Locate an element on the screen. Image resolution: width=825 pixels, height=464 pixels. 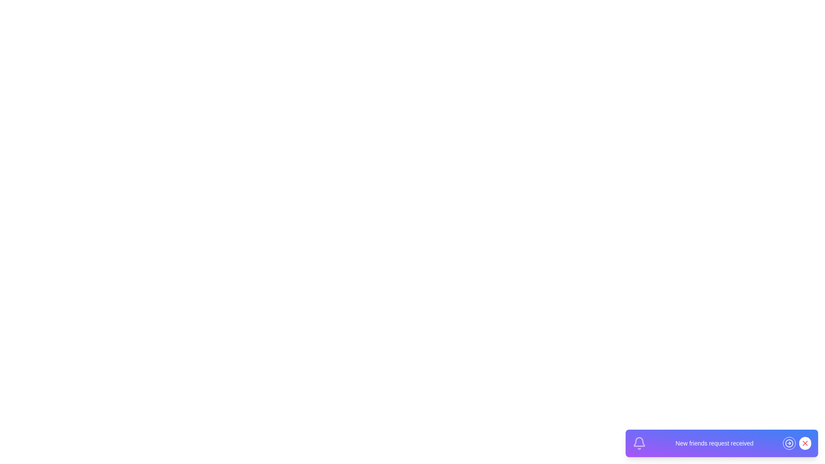
the next button to cycle through notifications is located at coordinates (789, 443).